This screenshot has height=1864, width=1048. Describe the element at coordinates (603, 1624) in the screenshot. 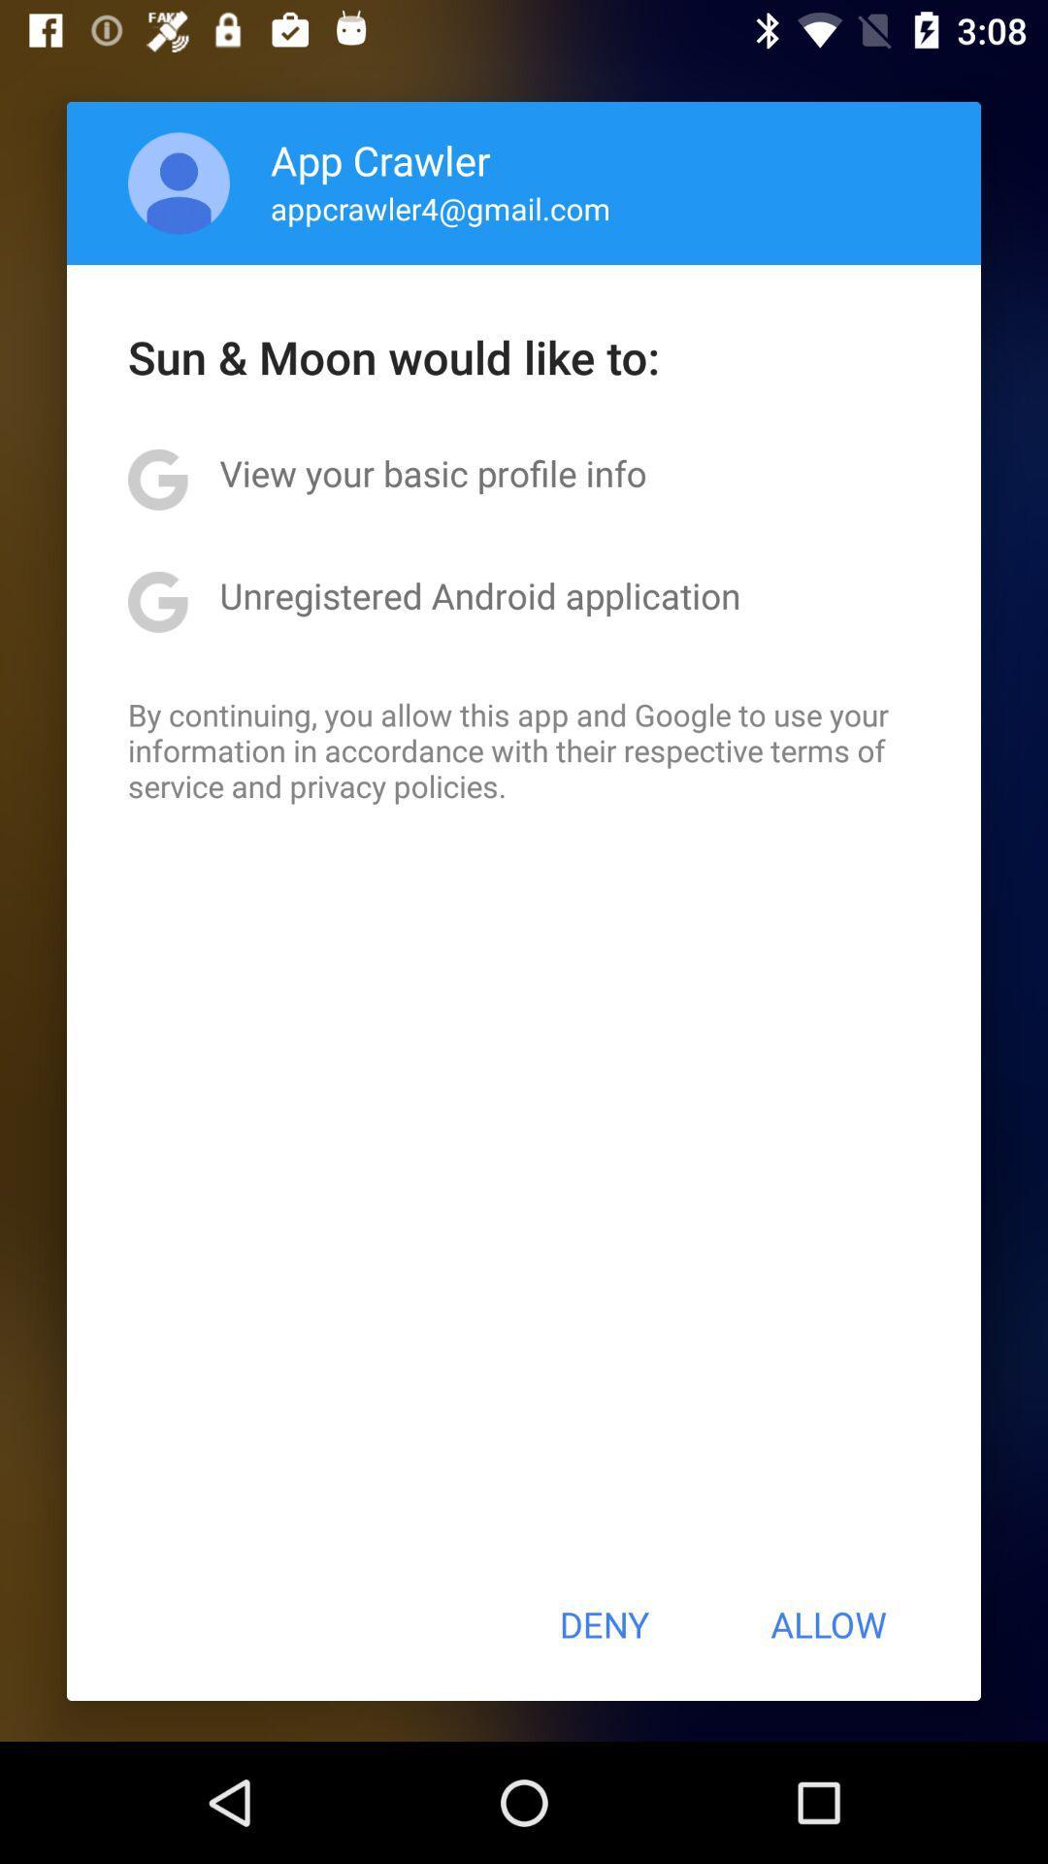

I see `deny button` at that location.